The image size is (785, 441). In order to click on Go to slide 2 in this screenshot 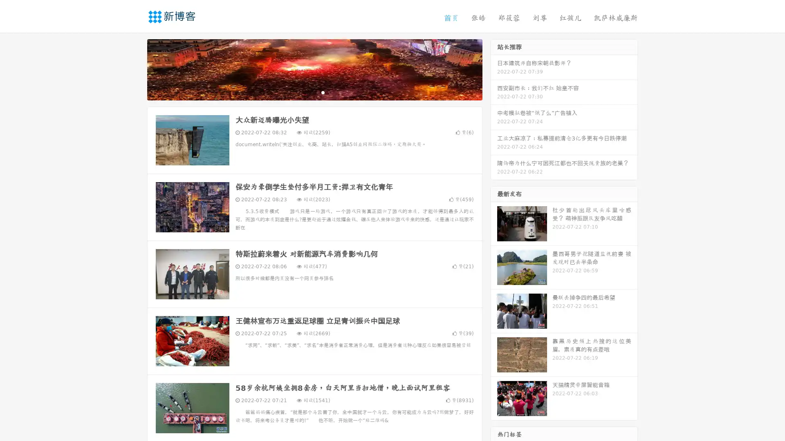, I will do `click(314, 92)`.